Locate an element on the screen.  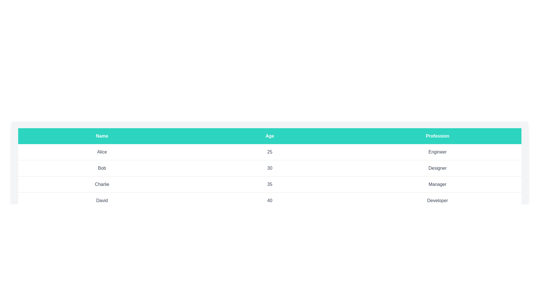
the text display component in the first row of the table that shows user information, specifically displaying 'Alice25Engineer', for potential details is located at coordinates (269, 152).